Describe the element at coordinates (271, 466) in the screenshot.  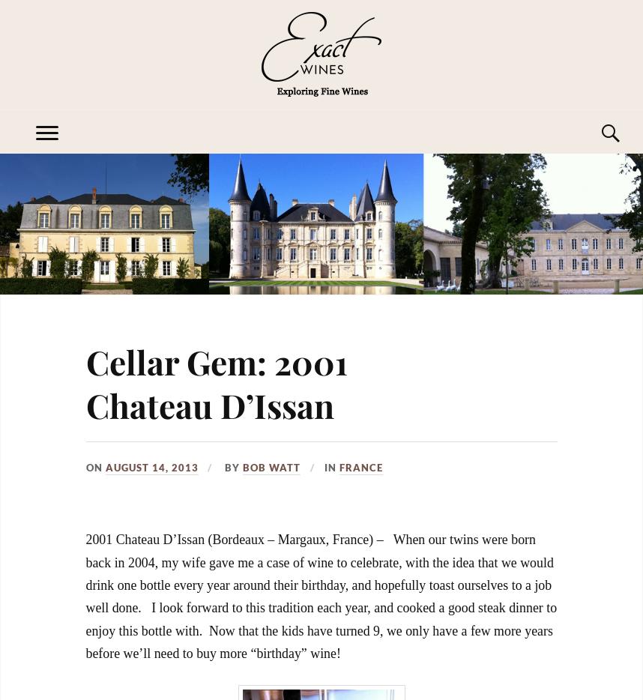
I see `'Bob Watt'` at that location.